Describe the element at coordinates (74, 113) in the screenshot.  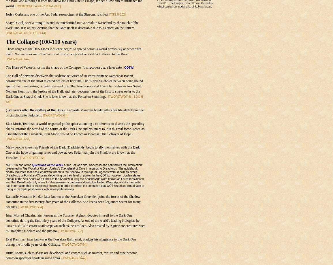
I see `'Kamarile Maradim Nindar alters her life-style from one of simplicity to hedonism.'` at that location.